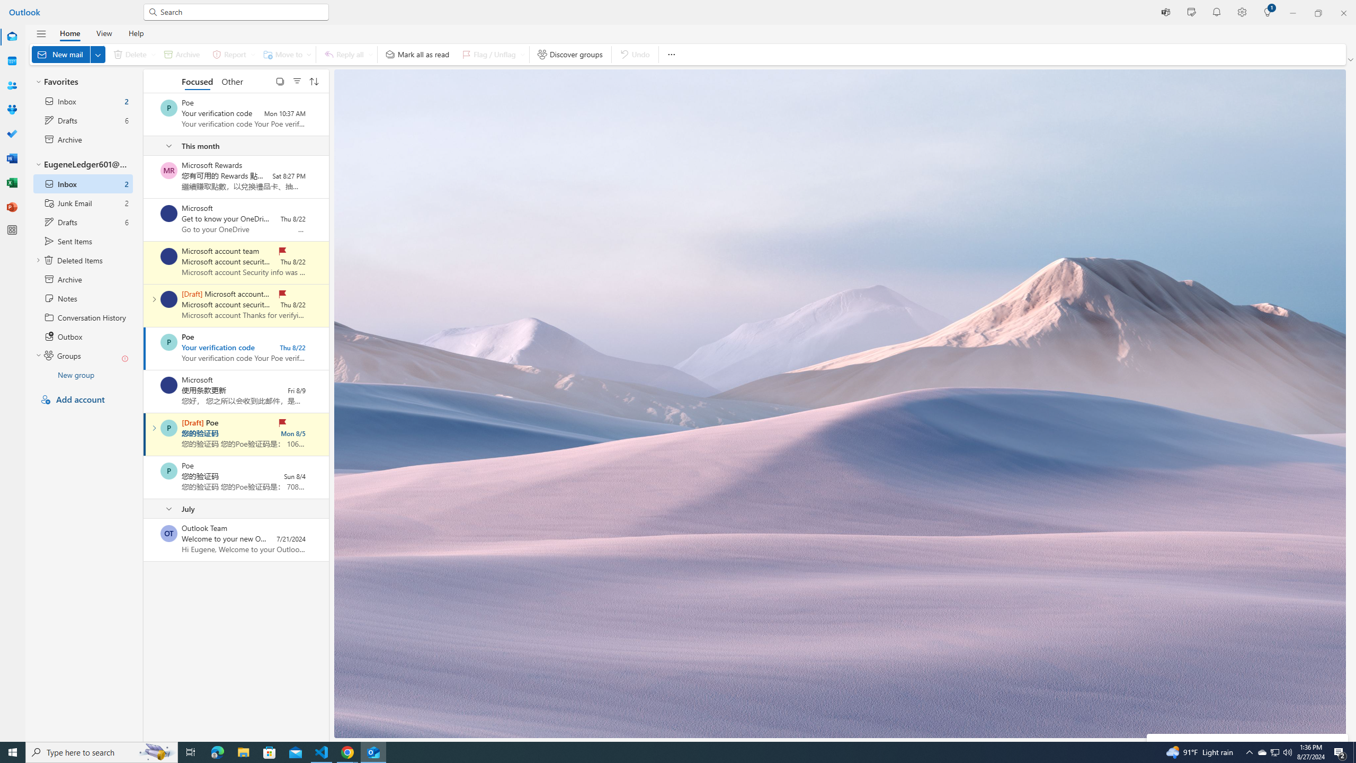 This screenshot has width=1356, height=763. What do you see at coordinates (296, 81) in the screenshot?
I see `'Filter'` at bounding box center [296, 81].